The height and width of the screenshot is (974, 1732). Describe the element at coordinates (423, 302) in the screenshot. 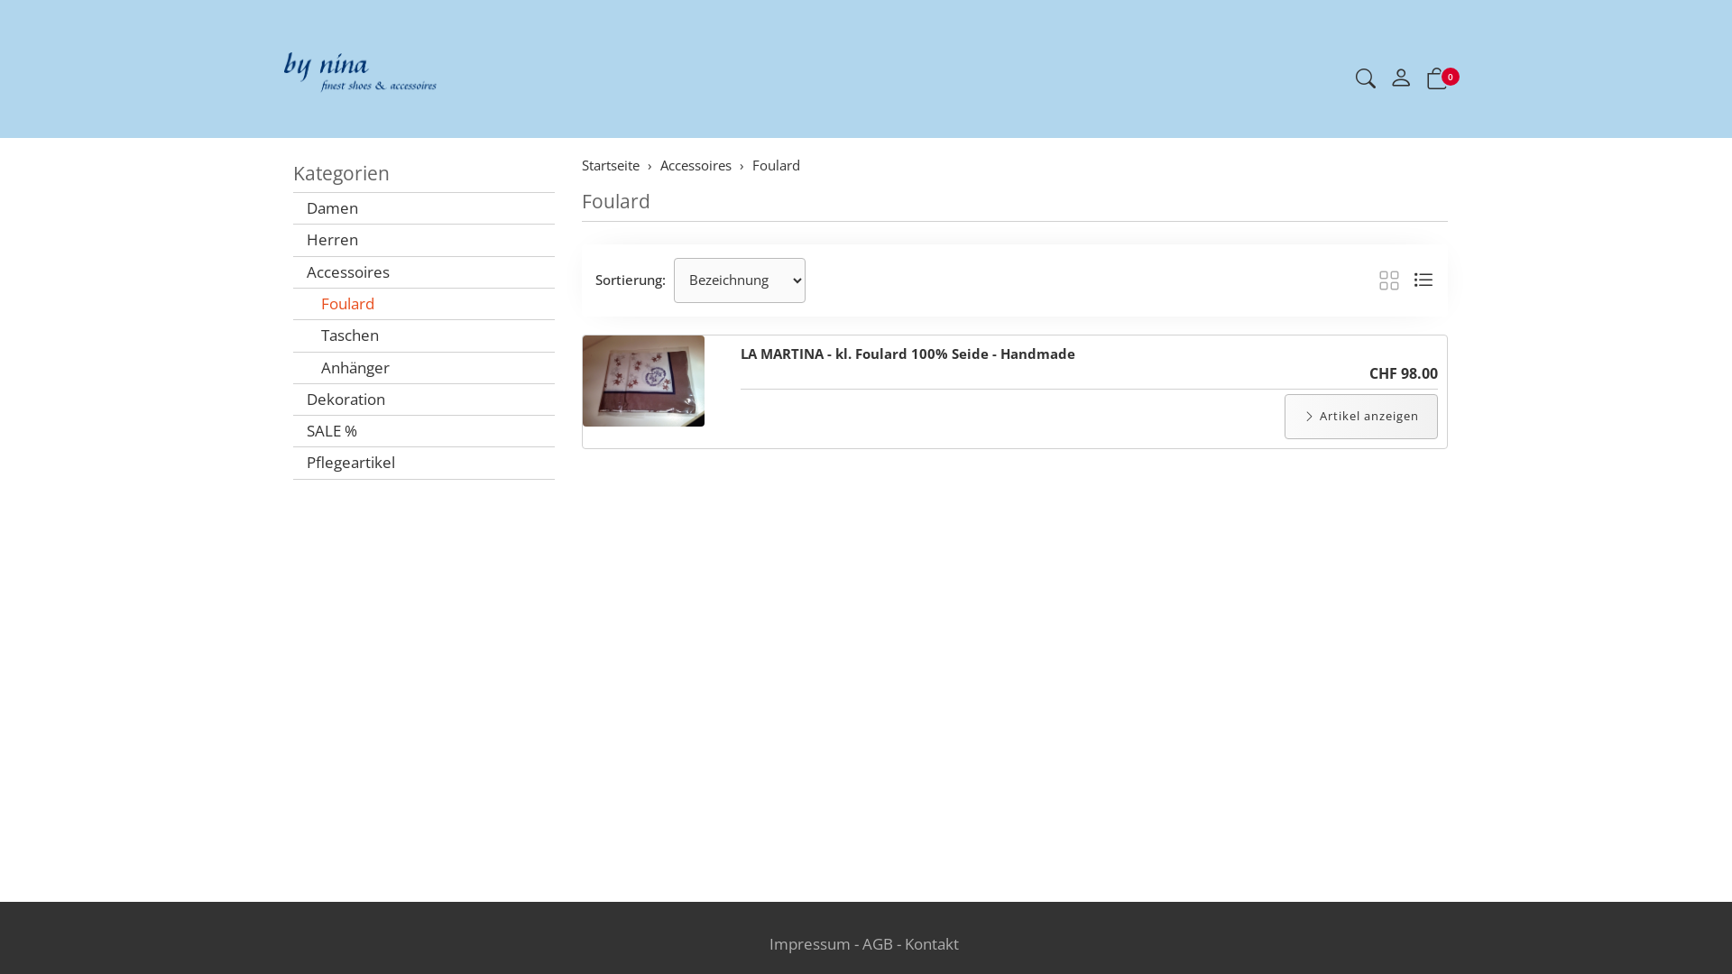

I see `'Foulard'` at that location.